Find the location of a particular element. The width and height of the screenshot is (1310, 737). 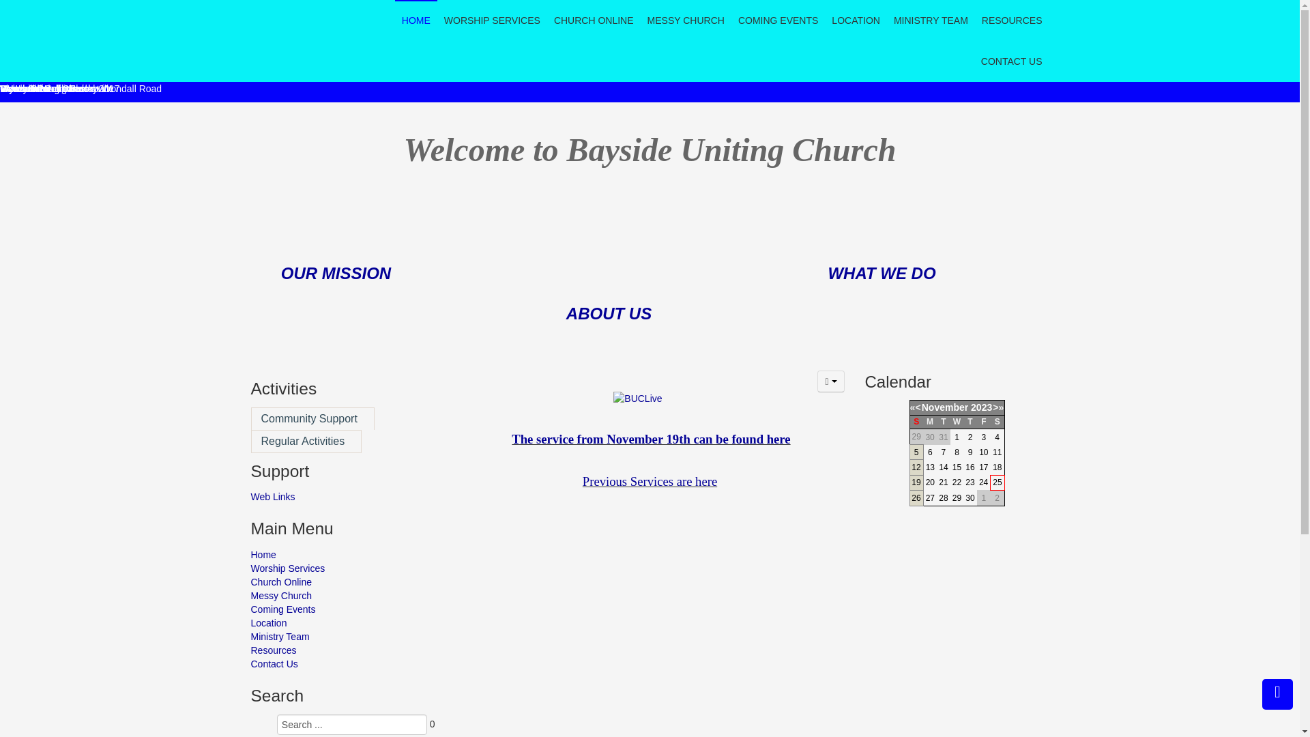

'Resources' is located at coordinates (343, 649).